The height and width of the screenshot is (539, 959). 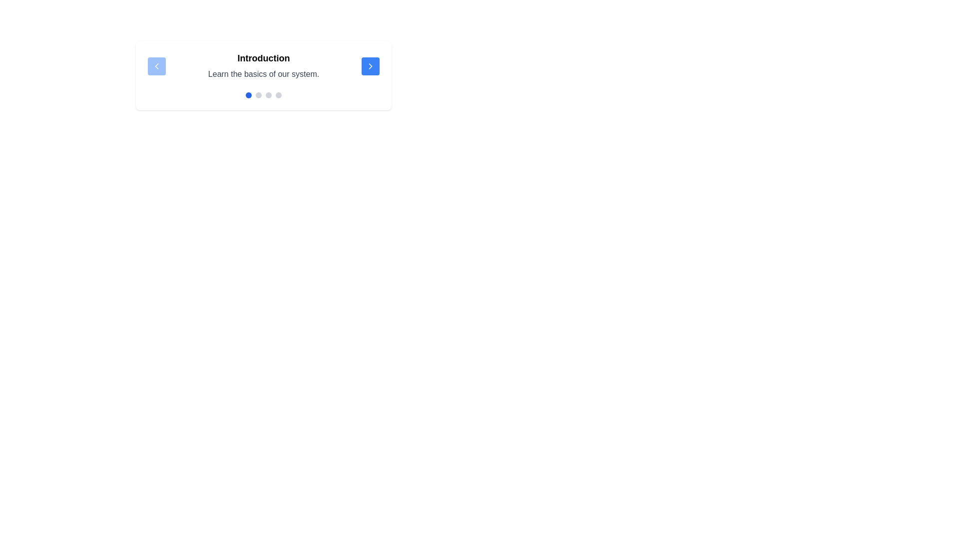 What do you see at coordinates (249, 95) in the screenshot?
I see `the first circular indicator dot located underneath the text 'Learn the basics of our system'` at bounding box center [249, 95].